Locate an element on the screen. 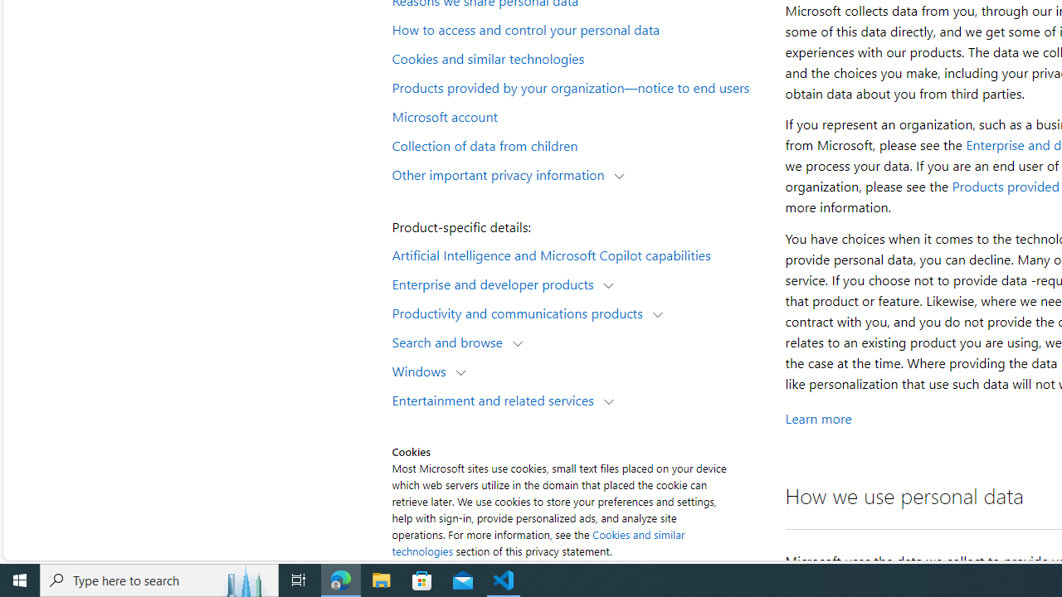 This screenshot has width=1062, height=597. 'Collection of data from children' is located at coordinates (577, 143).